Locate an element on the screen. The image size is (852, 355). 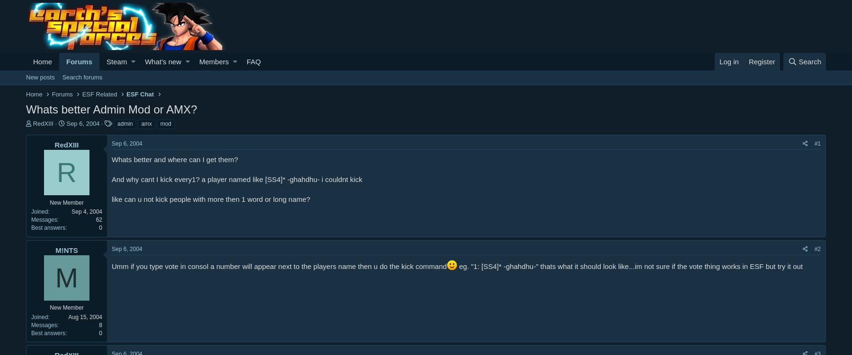
'FAQ' is located at coordinates (253, 61).